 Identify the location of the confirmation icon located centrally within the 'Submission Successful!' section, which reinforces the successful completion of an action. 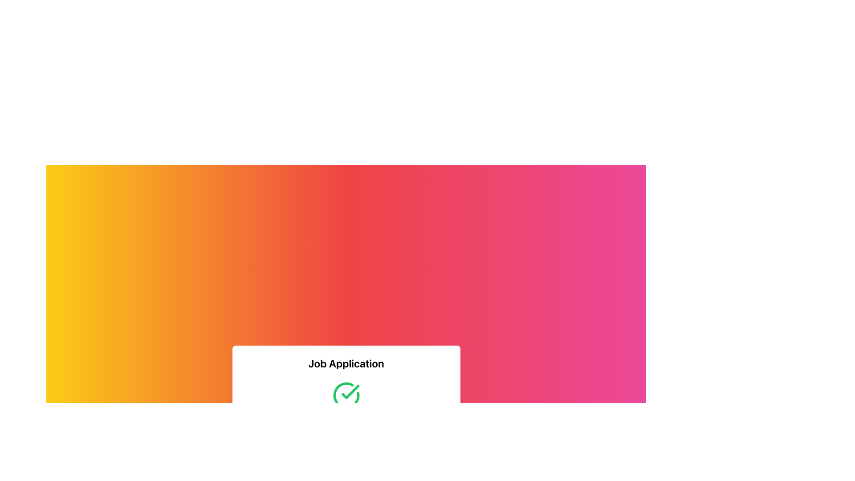
(346, 395).